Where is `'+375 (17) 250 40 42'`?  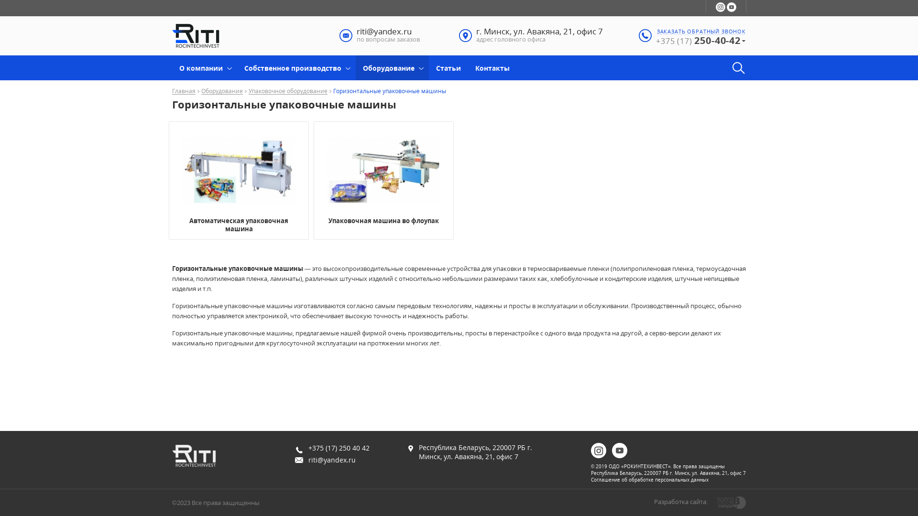
'+375 (17) 250 40 42' is located at coordinates (339, 448).